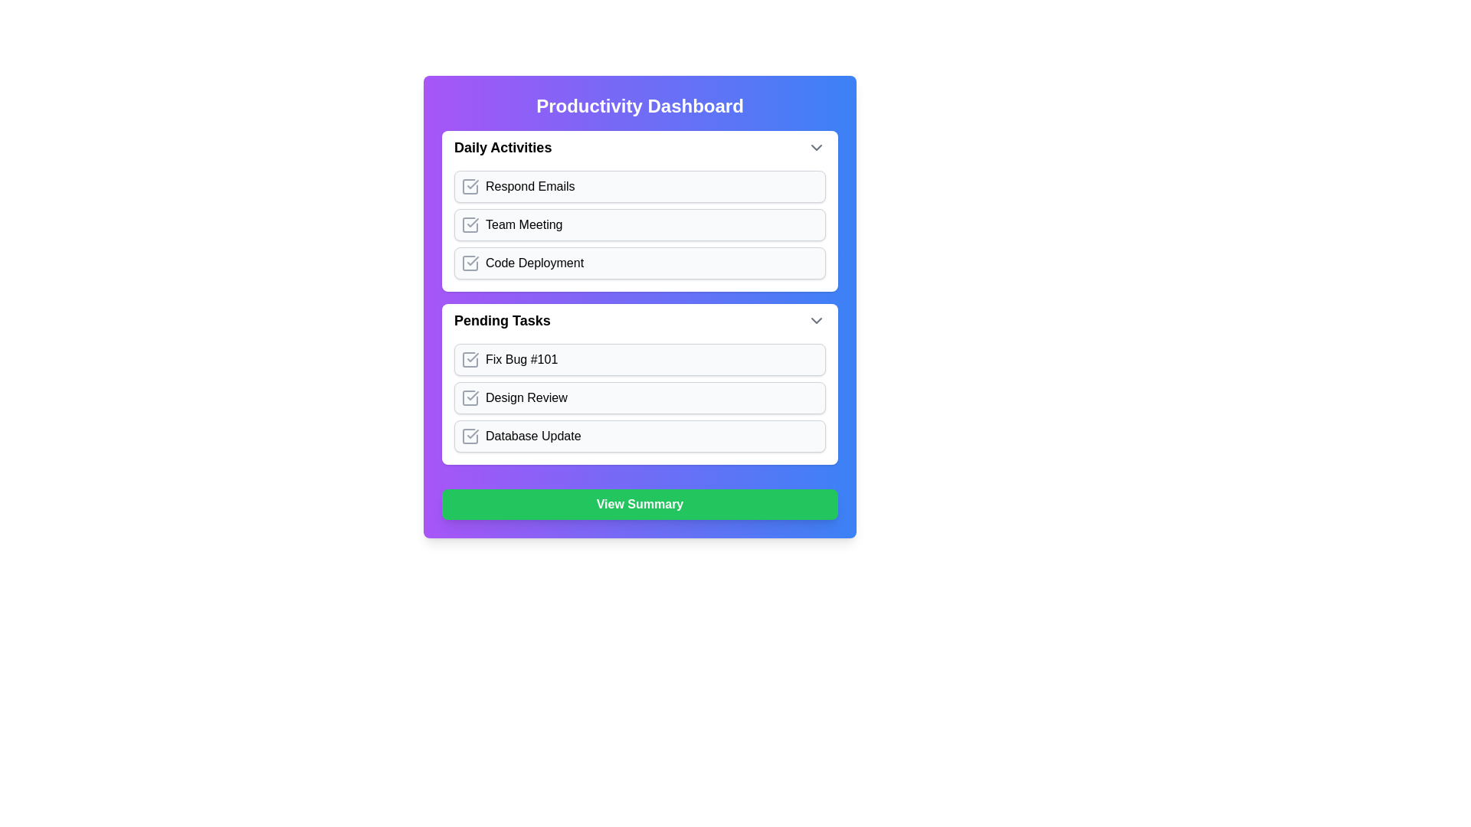 The width and height of the screenshot is (1471, 827). Describe the element at coordinates (470, 185) in the screenshot. I see `the checkbox outline for the 'Respond Emails' task in the 'Daily Activities' section of the Productivity Dashboard` at that location.